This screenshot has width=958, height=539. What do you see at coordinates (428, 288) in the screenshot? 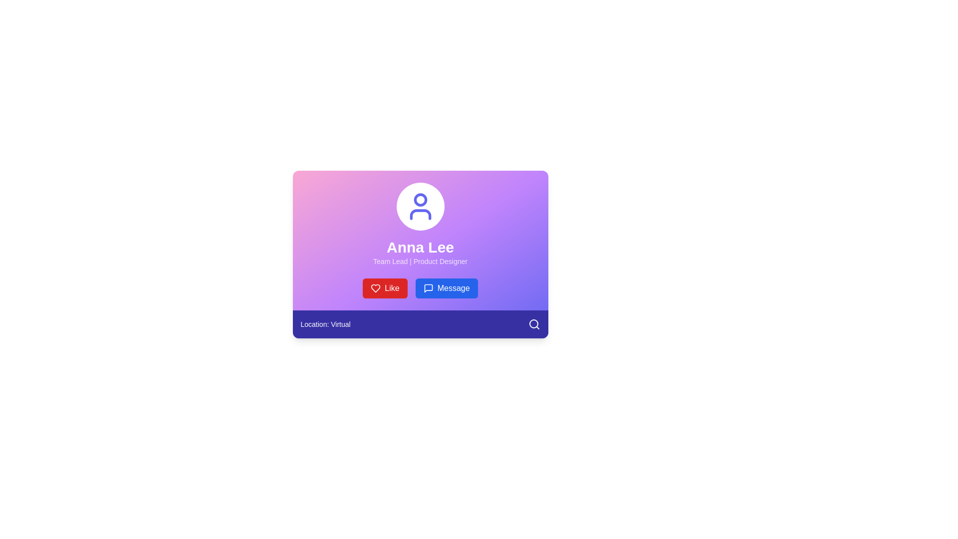
I see `the icon that visually indicates the 'Message' button for sending messages, located at the center-left part of the button` at bounding box center [428, 288].